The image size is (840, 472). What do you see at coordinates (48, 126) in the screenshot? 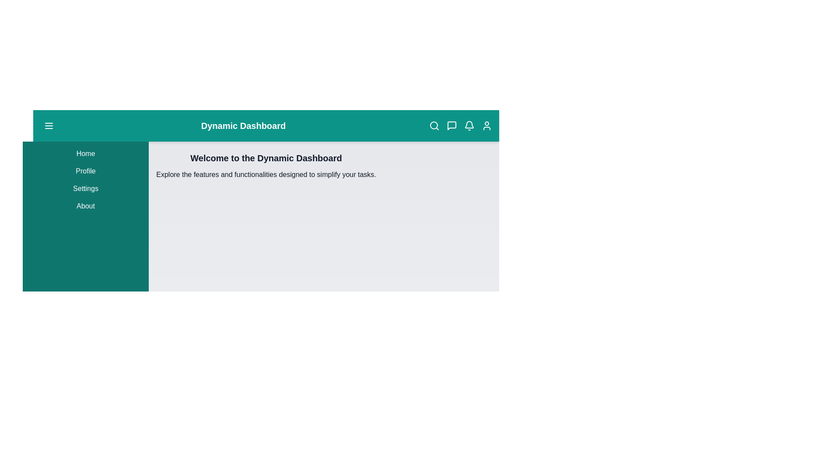
I see `the menu button to toggle the sidebar menu` at bounding box center [48, 126].